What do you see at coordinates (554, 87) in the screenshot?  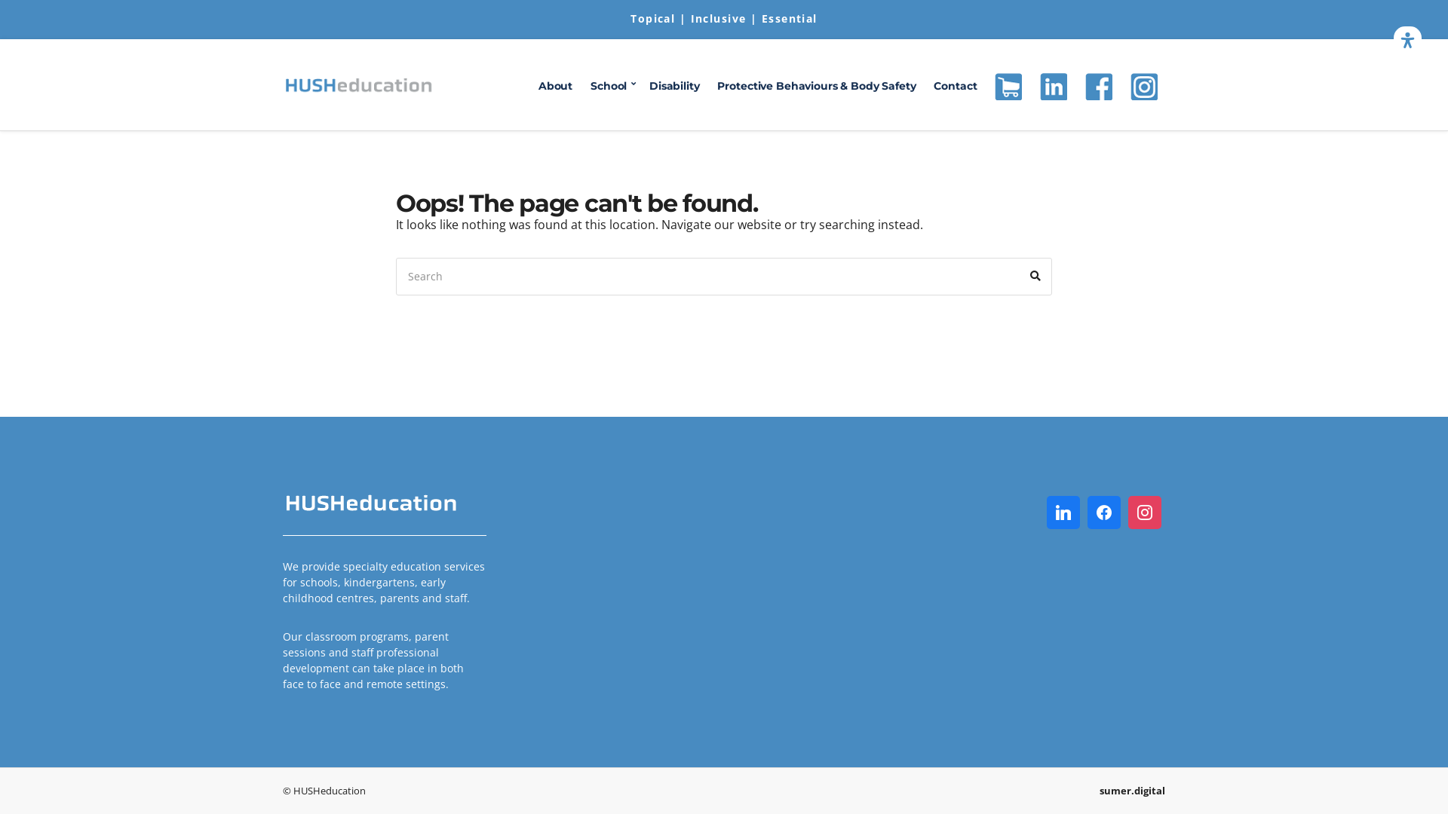 I see `'About'` at bounding box center [554, 87].